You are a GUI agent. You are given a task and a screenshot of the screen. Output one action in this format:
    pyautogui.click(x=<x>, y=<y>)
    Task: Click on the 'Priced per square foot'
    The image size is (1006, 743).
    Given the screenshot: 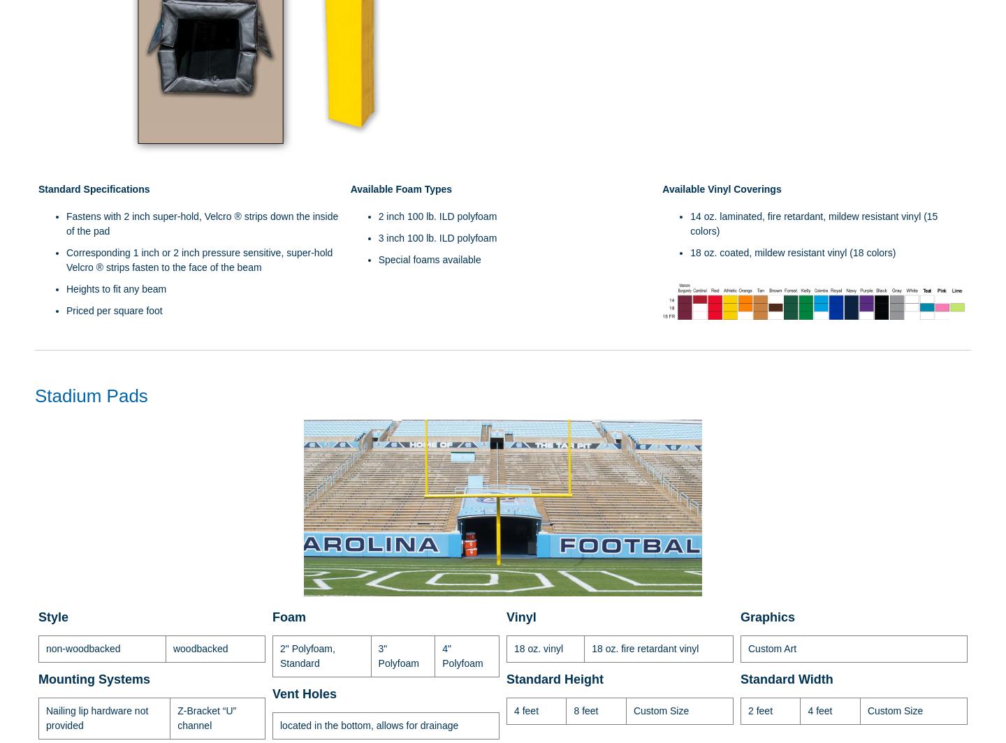 What is the action you would take?
    pyautogui.click(x=113, y=310)
    